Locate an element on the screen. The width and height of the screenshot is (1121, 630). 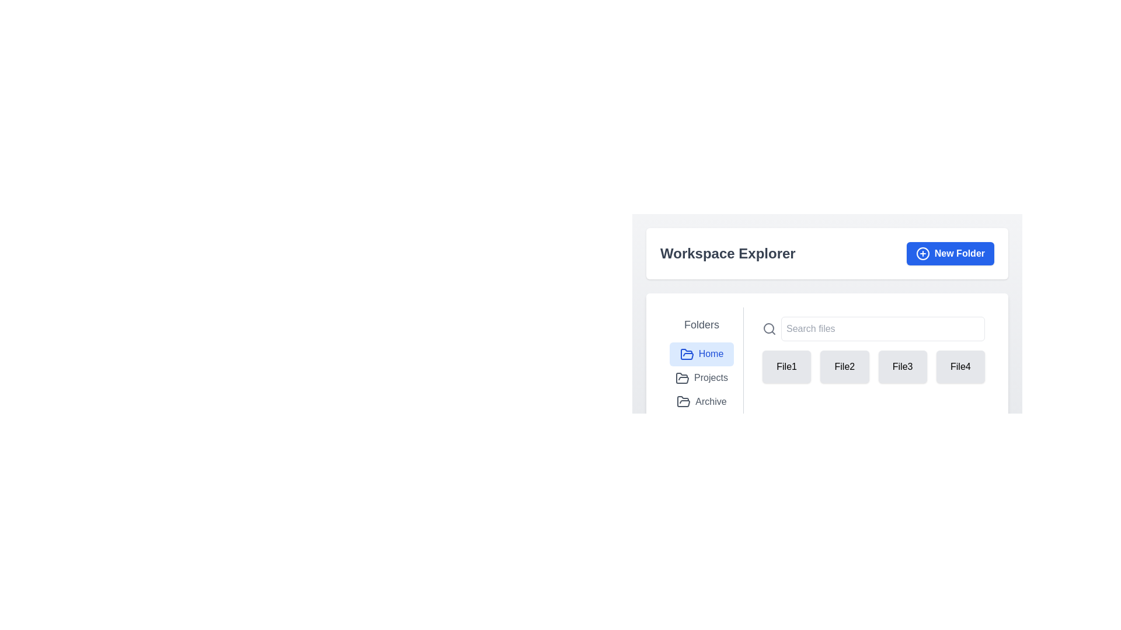
the file card in the grid layout is located at coordinates (873, 365).